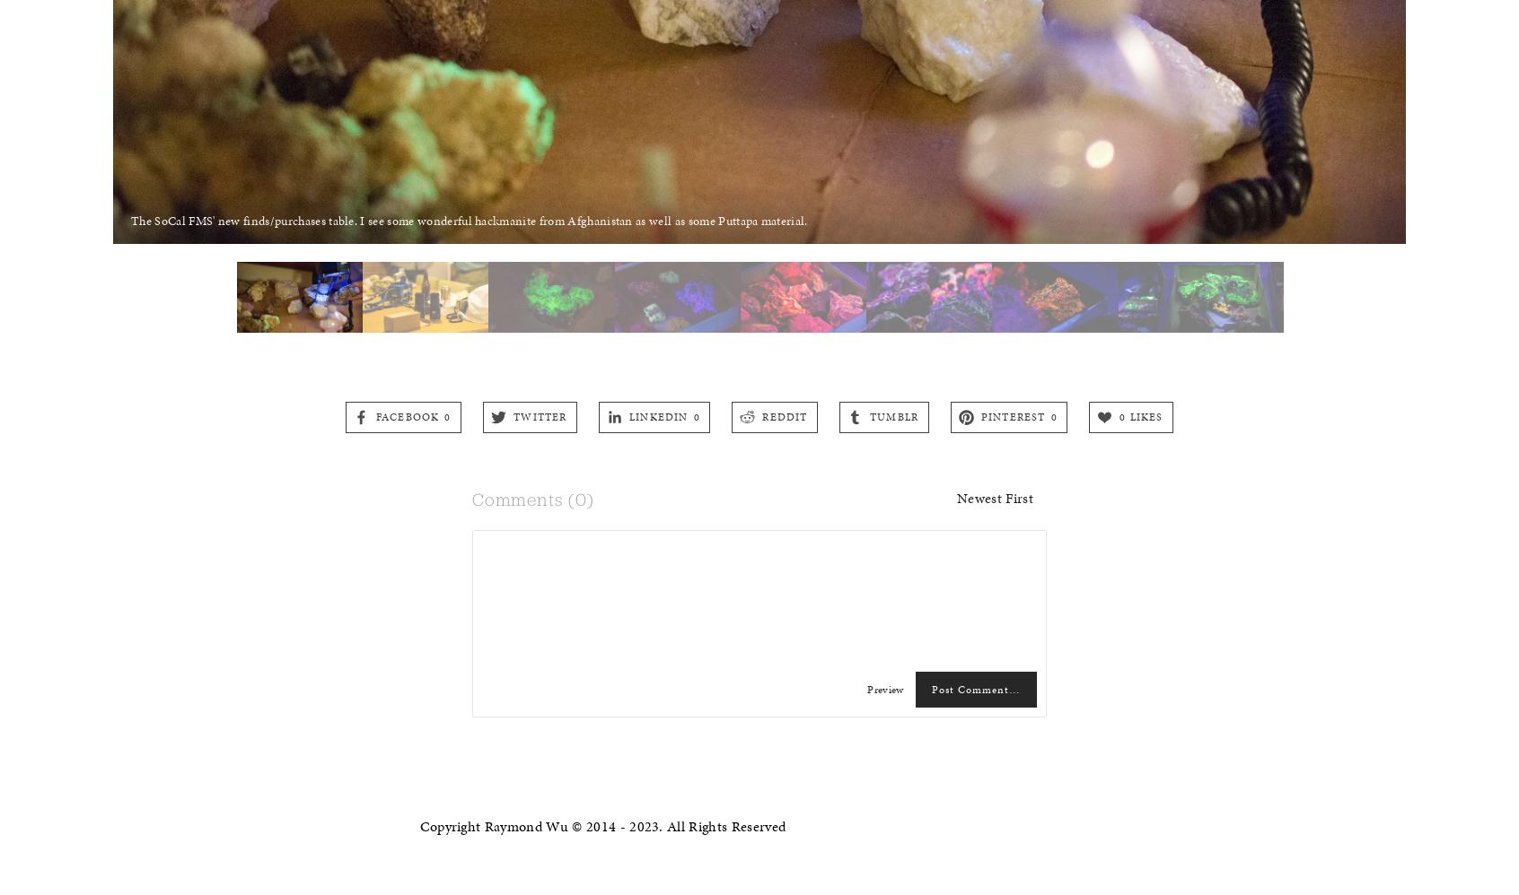  Describe the element at coordinates (893, 414) in the screenshot. I see `'Tumblr'` at that location.